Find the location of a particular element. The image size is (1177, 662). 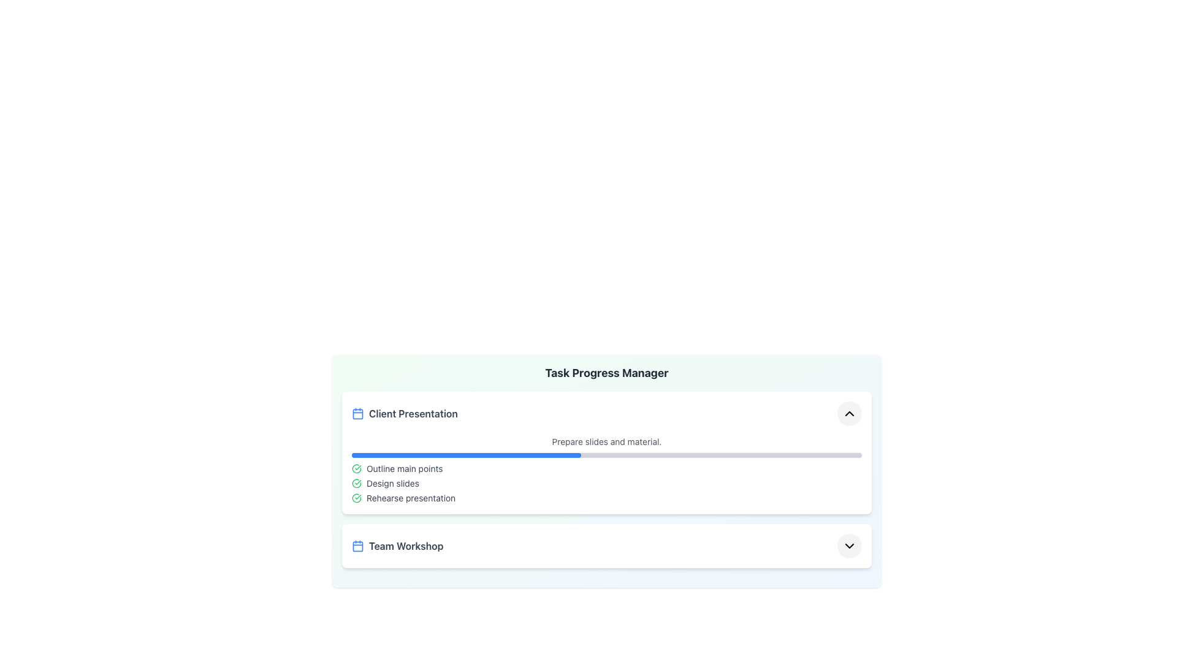

the circular button with a gray background and an upward chevron icon located at the top-right corner of the 'Client Presentation' section is located at coordinates (849, 414).